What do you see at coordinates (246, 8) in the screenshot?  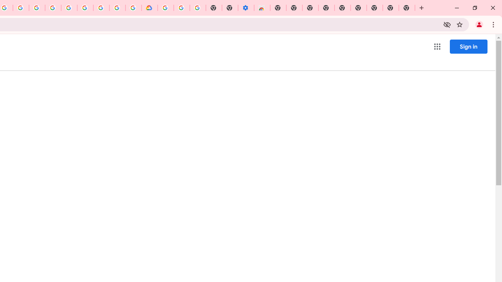 I see `'Settings - Accessibility'` at bounding box center [246, 8].